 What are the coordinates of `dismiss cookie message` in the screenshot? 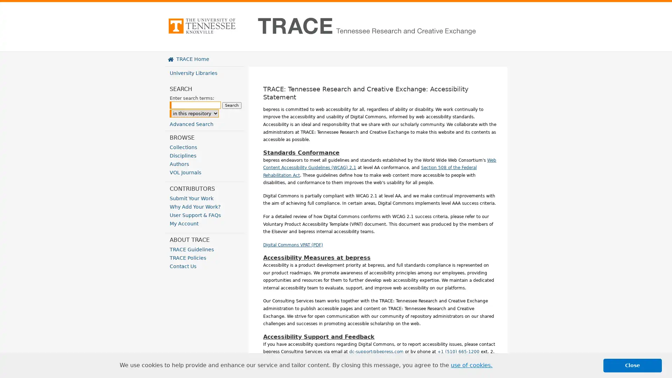 It's located at (632, 365).